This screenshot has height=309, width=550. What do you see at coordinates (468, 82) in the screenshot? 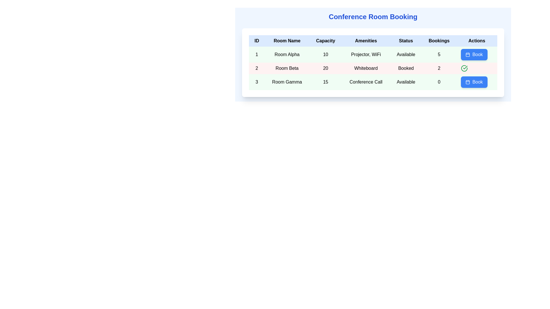
I see `the rectangular calendar icon with rounded corners, featuring a blue background, located in the 'Actions' column of the third row of the table` at bounding box center [468, 82].